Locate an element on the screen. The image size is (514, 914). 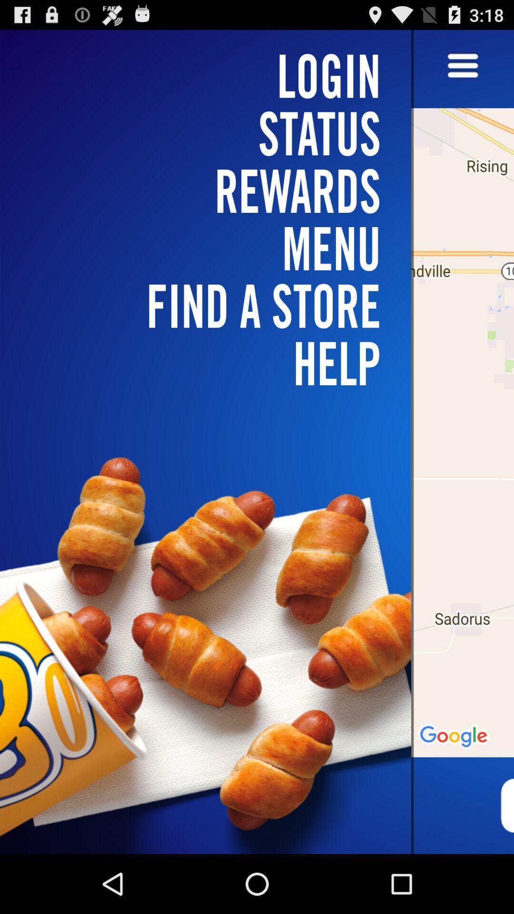
icon above menu icon is located at coordinates (211, 133).